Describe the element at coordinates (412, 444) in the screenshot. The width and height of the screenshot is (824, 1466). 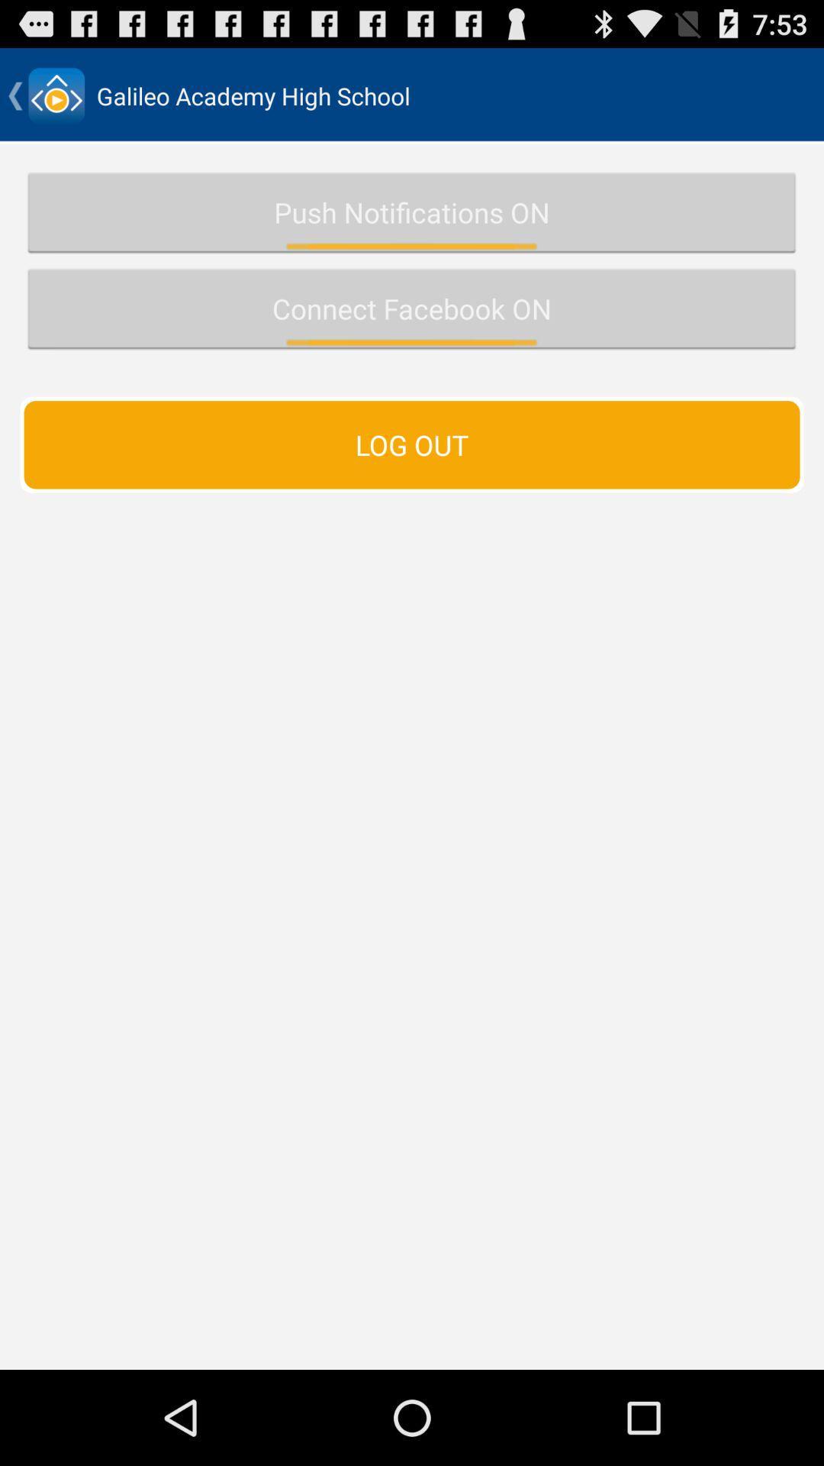
I see `the icon below the connect facebook on` at that location.